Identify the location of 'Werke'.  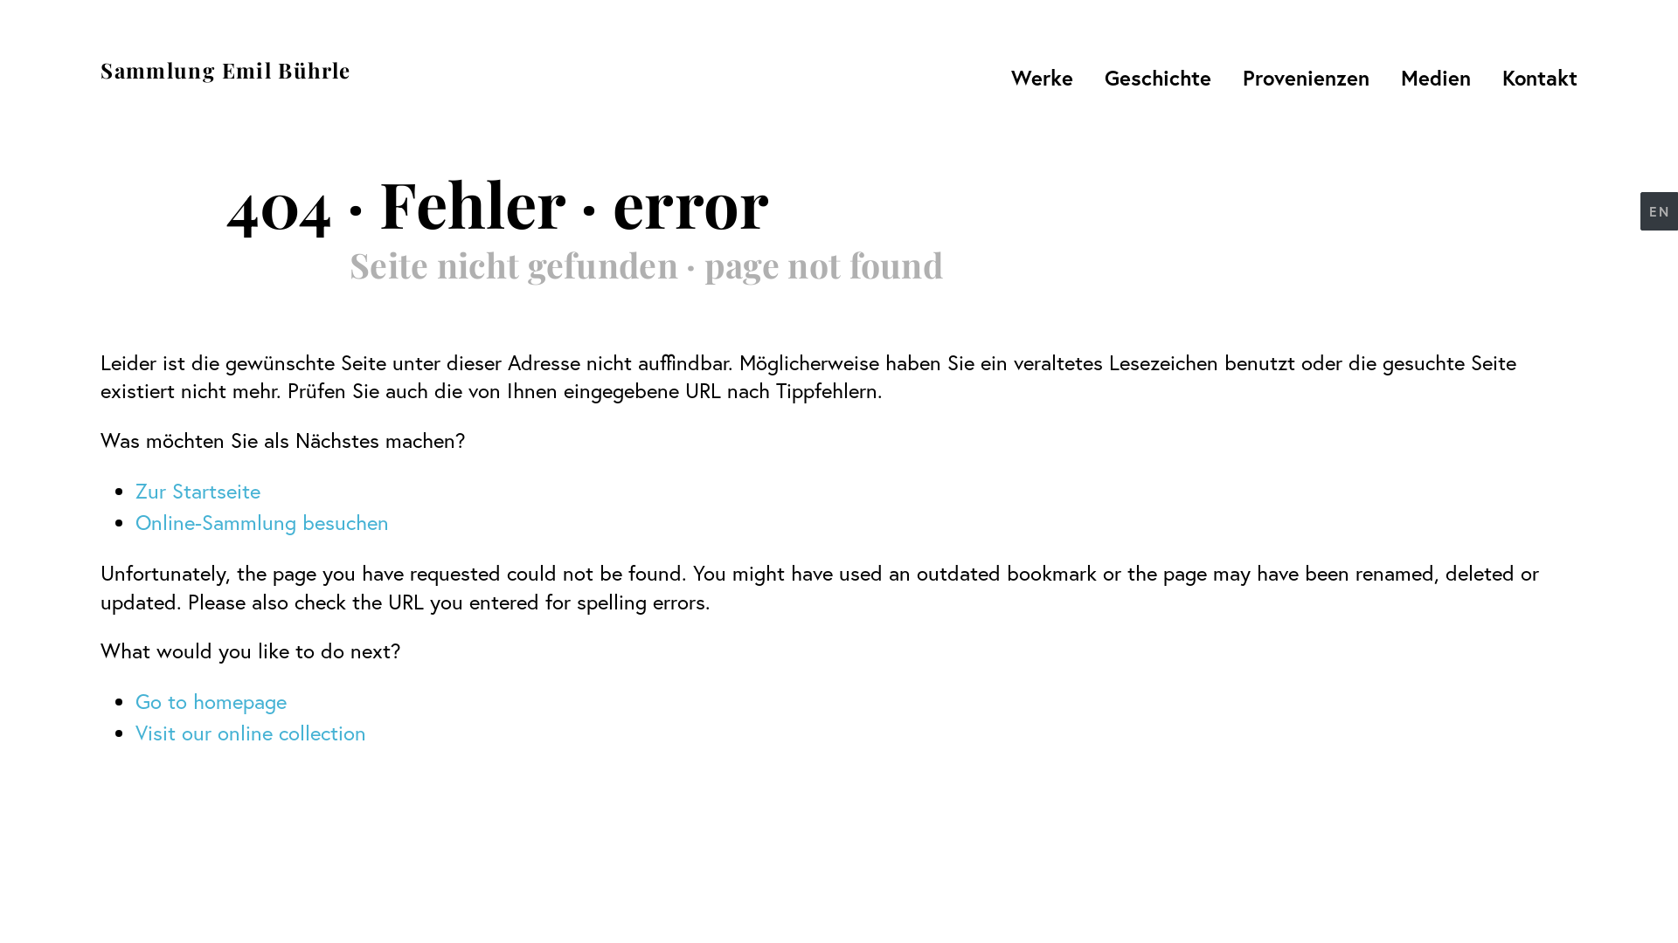
(1001, 76).